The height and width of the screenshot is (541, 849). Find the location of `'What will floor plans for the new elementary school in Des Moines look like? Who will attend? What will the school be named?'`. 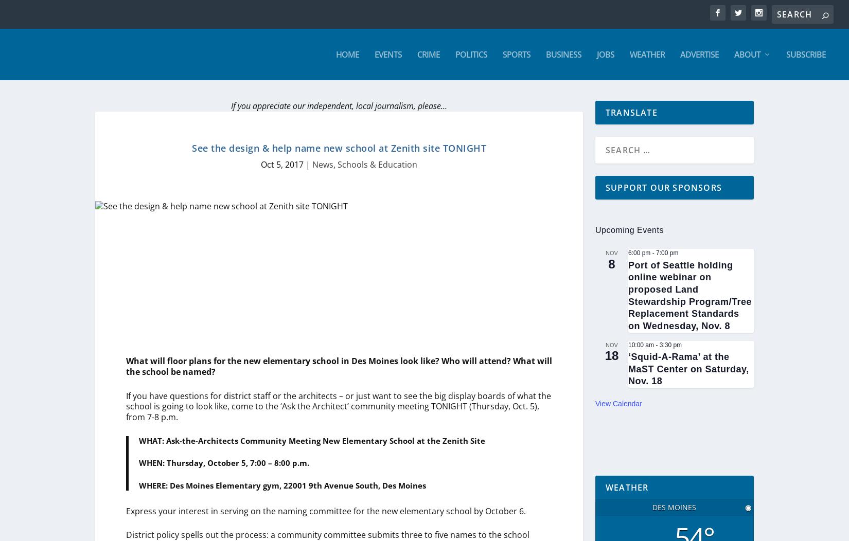

'What will floor plans for the new elementary school in Des Moines look like? Who will attend? What will the school be named?' is located at coordinates (126, 366).